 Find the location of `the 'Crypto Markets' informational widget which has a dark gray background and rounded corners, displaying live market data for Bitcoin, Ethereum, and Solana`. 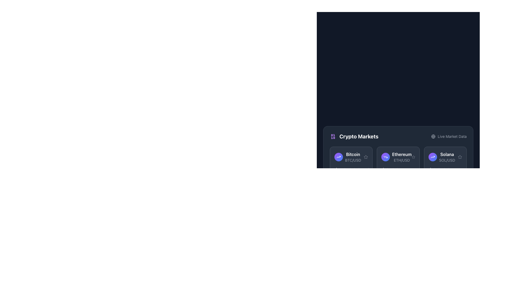

the 'Crypto Markets' informational widget which has a dark gray background and rounded corners, displaying live market data for Bitcoin, Ethereum, and Solana is located at coordinates (398, 156).